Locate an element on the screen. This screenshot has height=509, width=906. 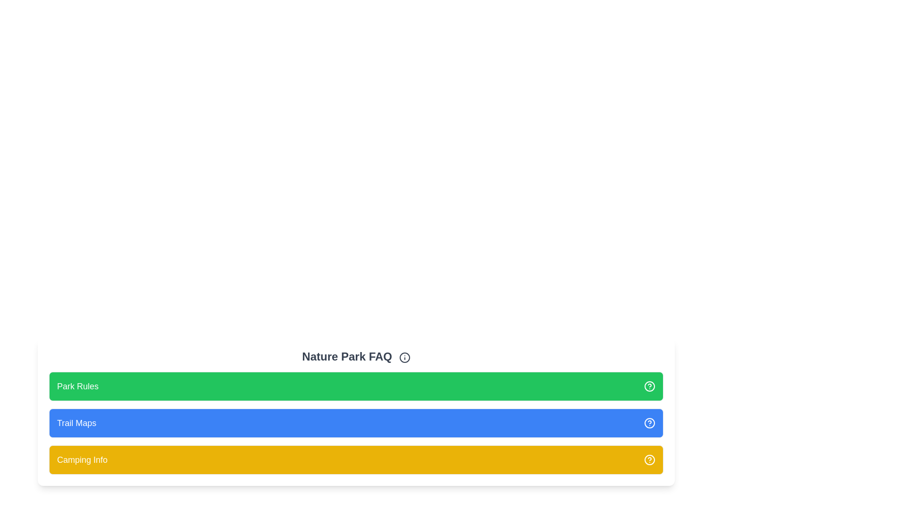
the button that accesses information related to camping is located at coordinates (355, 459).